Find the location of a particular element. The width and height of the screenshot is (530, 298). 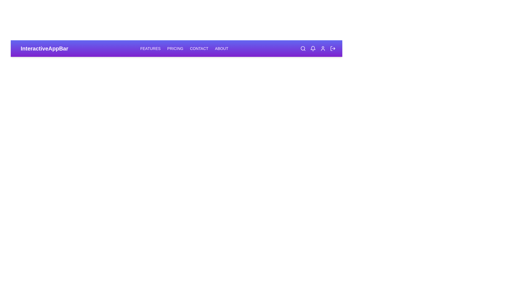

the 'About' link in the navigation bar is located at coordinates (221, 48).